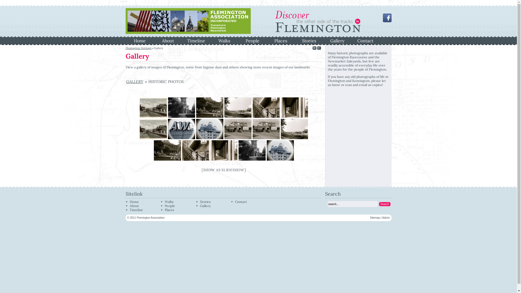 The image size is (521, 293). I want to click on 'GALLERY', so click(135, 81).